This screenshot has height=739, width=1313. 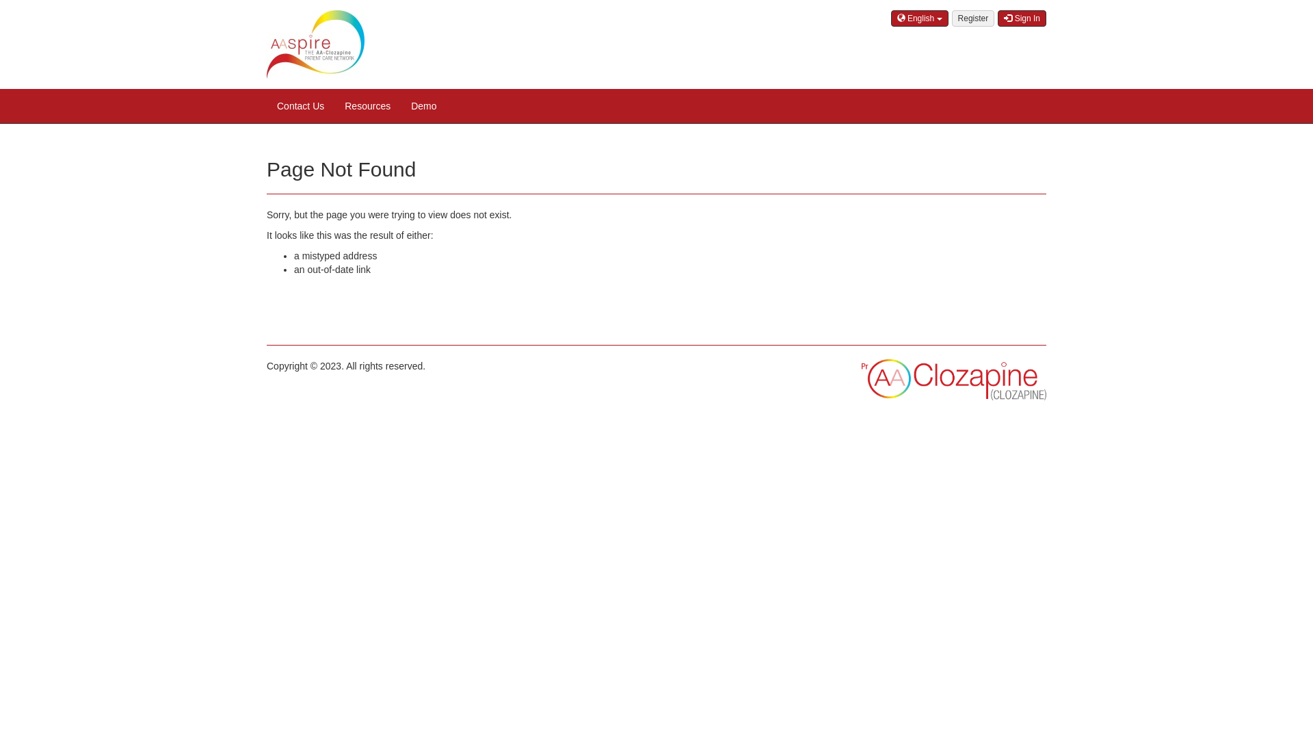 What do you see at coordinates (1022, 18) in the screenshot?
I see `'Sign In'` at bounding box center [1022, 18].